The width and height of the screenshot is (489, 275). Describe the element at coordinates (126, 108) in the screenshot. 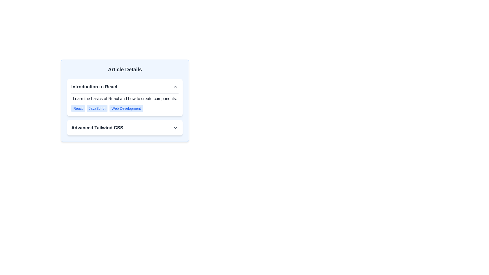

I see `the label with the text 'Web Development', which is a rectangular label with rounded corners, located in the Article Details section below the title 'Introduction to React'` at that location.